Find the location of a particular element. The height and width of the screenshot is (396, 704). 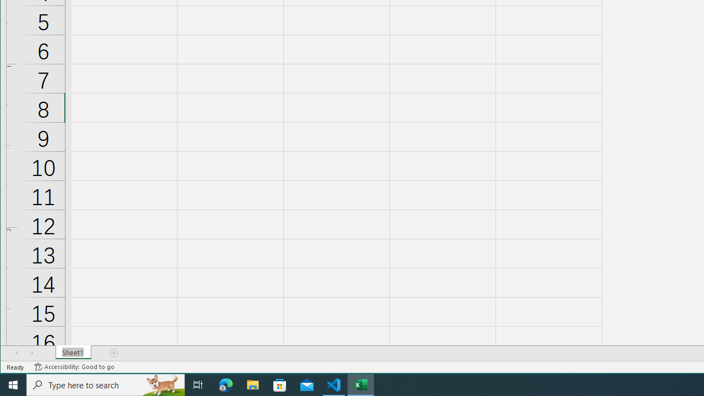

'Microsoft Store' is located at coordinates (280, 384).